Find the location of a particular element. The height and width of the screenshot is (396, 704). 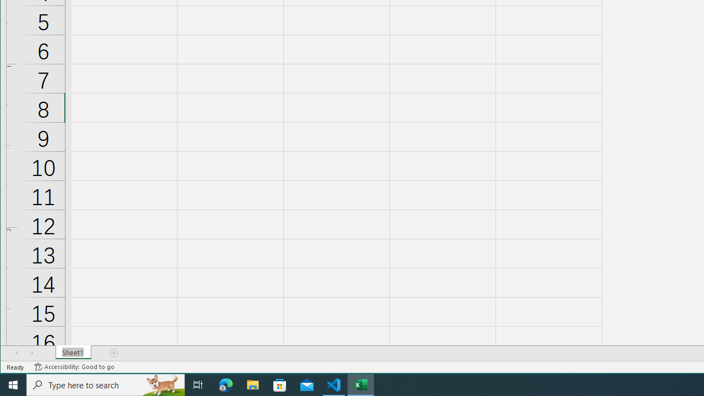

'Microsoft Store' is located at coordinates (280, 384).